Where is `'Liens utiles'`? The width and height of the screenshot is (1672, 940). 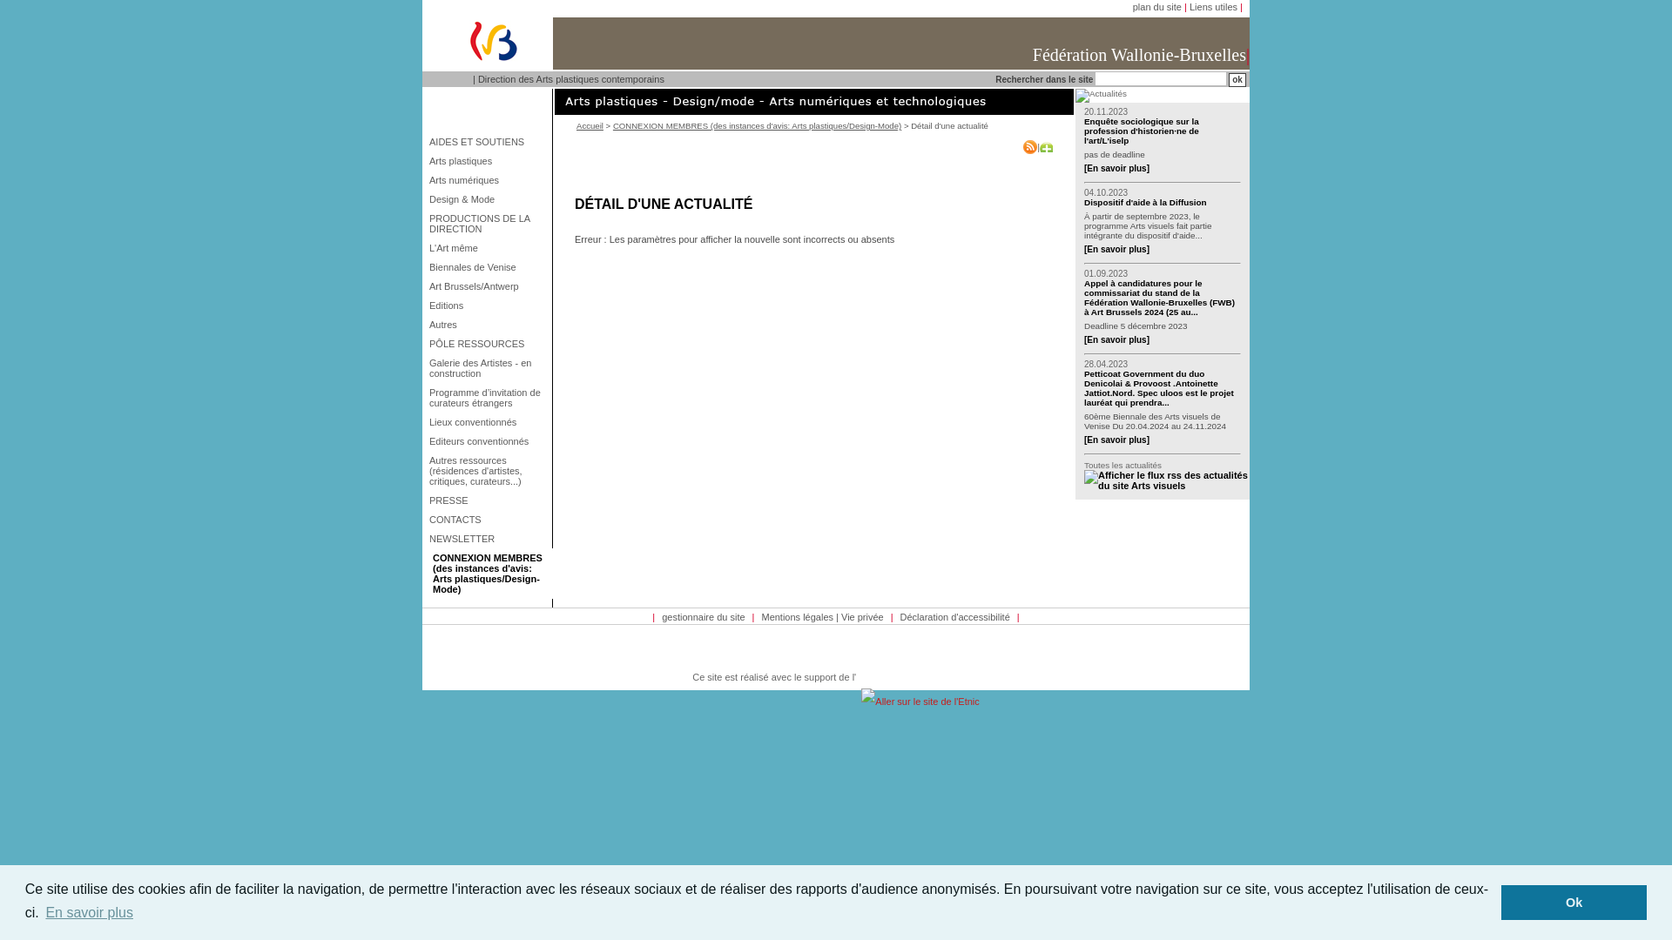 'Liens utiles' is located at coordinates (1212, 6).